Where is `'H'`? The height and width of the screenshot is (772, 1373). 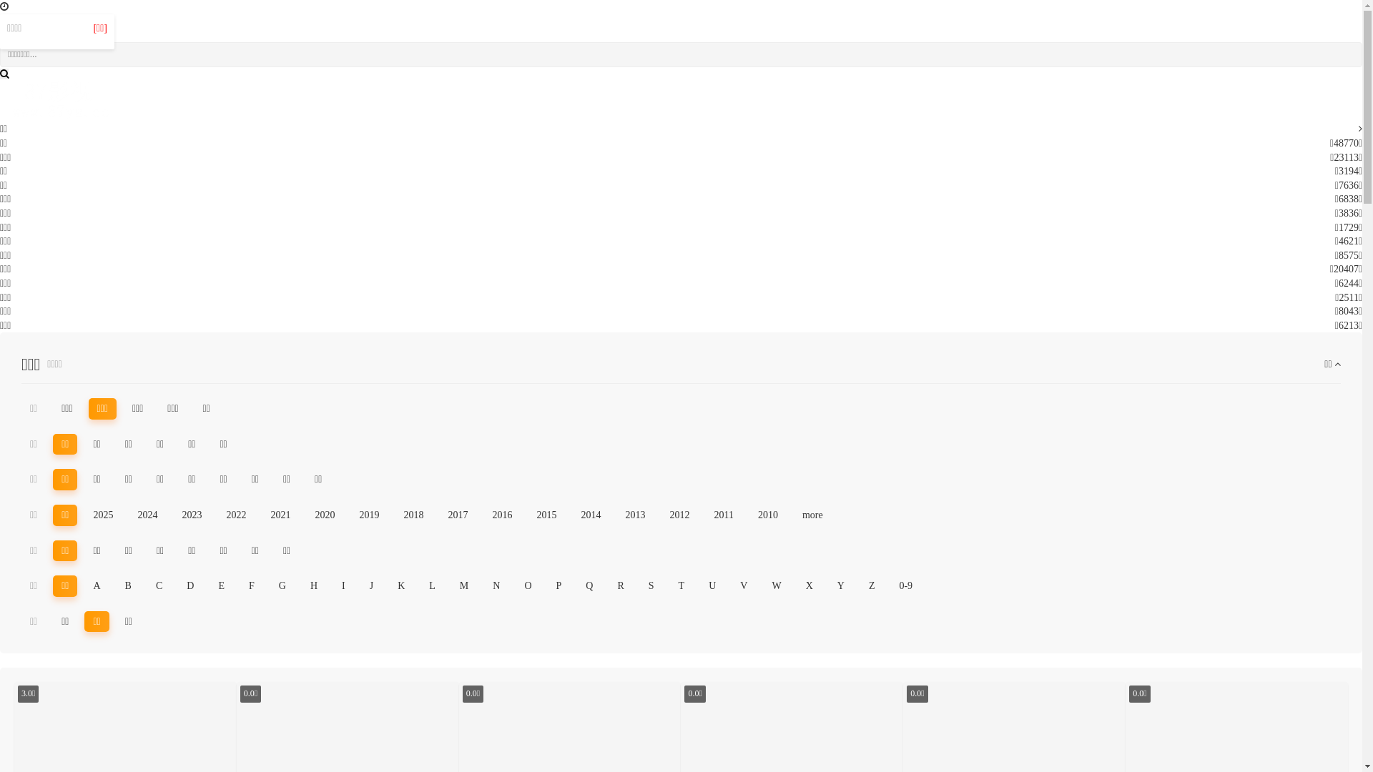 'H' is located at coordinates (313, 586).